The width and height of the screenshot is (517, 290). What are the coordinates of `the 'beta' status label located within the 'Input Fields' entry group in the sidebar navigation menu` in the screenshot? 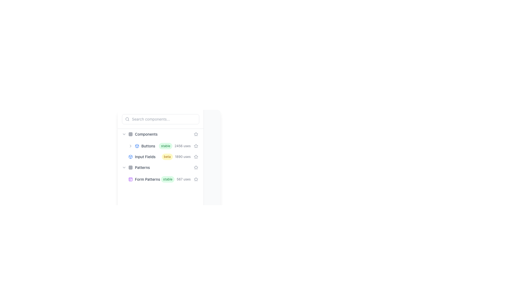 It's located at (167, 157).